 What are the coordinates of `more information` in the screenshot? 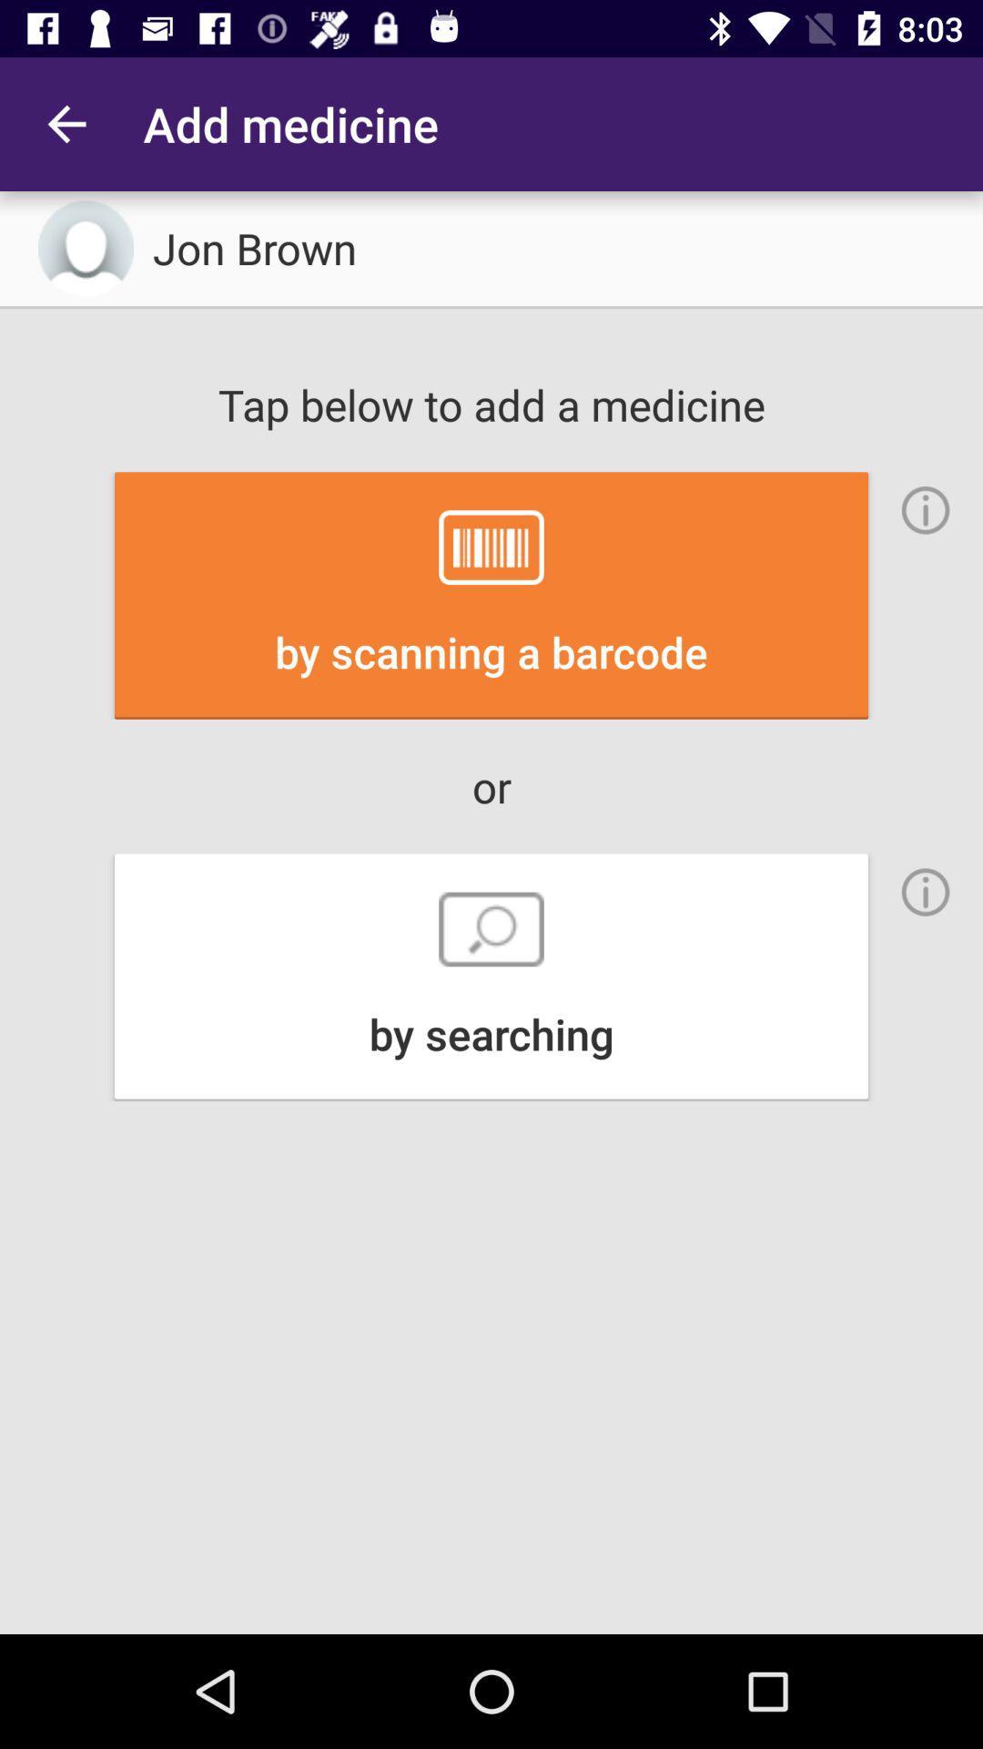 It's located at (926, 892).